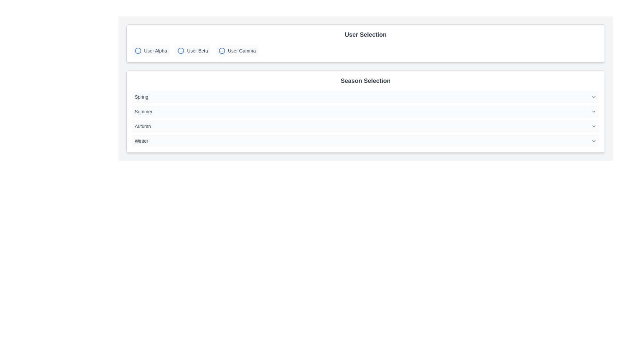 The image size is (642, 361). What do you see at coordinates (594, 140) in the screenshot?
I see `the small, downward-pointing chevron icon styled with a thin, rounded stroke and gray color, located to the right of the 'Winter' label in the 'Season Selection' section` at bounding box center [594, 140].